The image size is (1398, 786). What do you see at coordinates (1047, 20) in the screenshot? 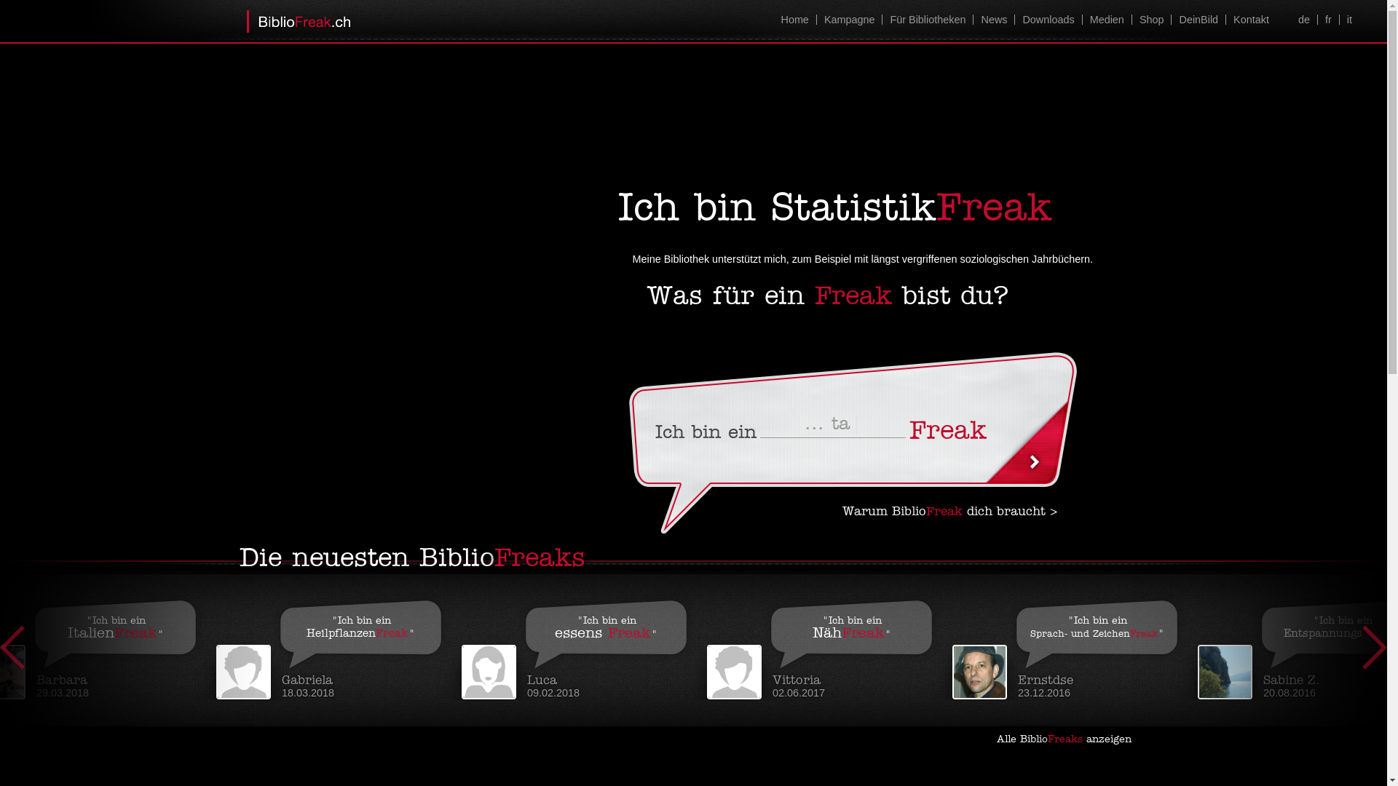
I see `'Downloads'` at bounding box center [1047, 20].